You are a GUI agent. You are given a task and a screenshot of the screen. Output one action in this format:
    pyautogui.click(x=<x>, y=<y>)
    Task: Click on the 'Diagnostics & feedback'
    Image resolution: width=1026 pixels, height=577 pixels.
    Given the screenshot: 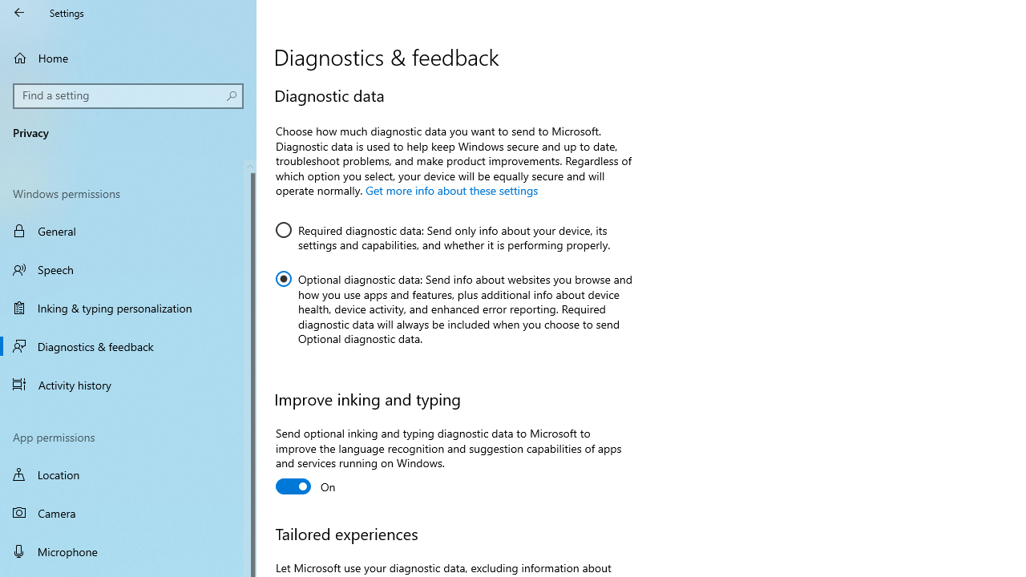 What is the action you would take?
    pyautogui.click(x=128, y=345)
    